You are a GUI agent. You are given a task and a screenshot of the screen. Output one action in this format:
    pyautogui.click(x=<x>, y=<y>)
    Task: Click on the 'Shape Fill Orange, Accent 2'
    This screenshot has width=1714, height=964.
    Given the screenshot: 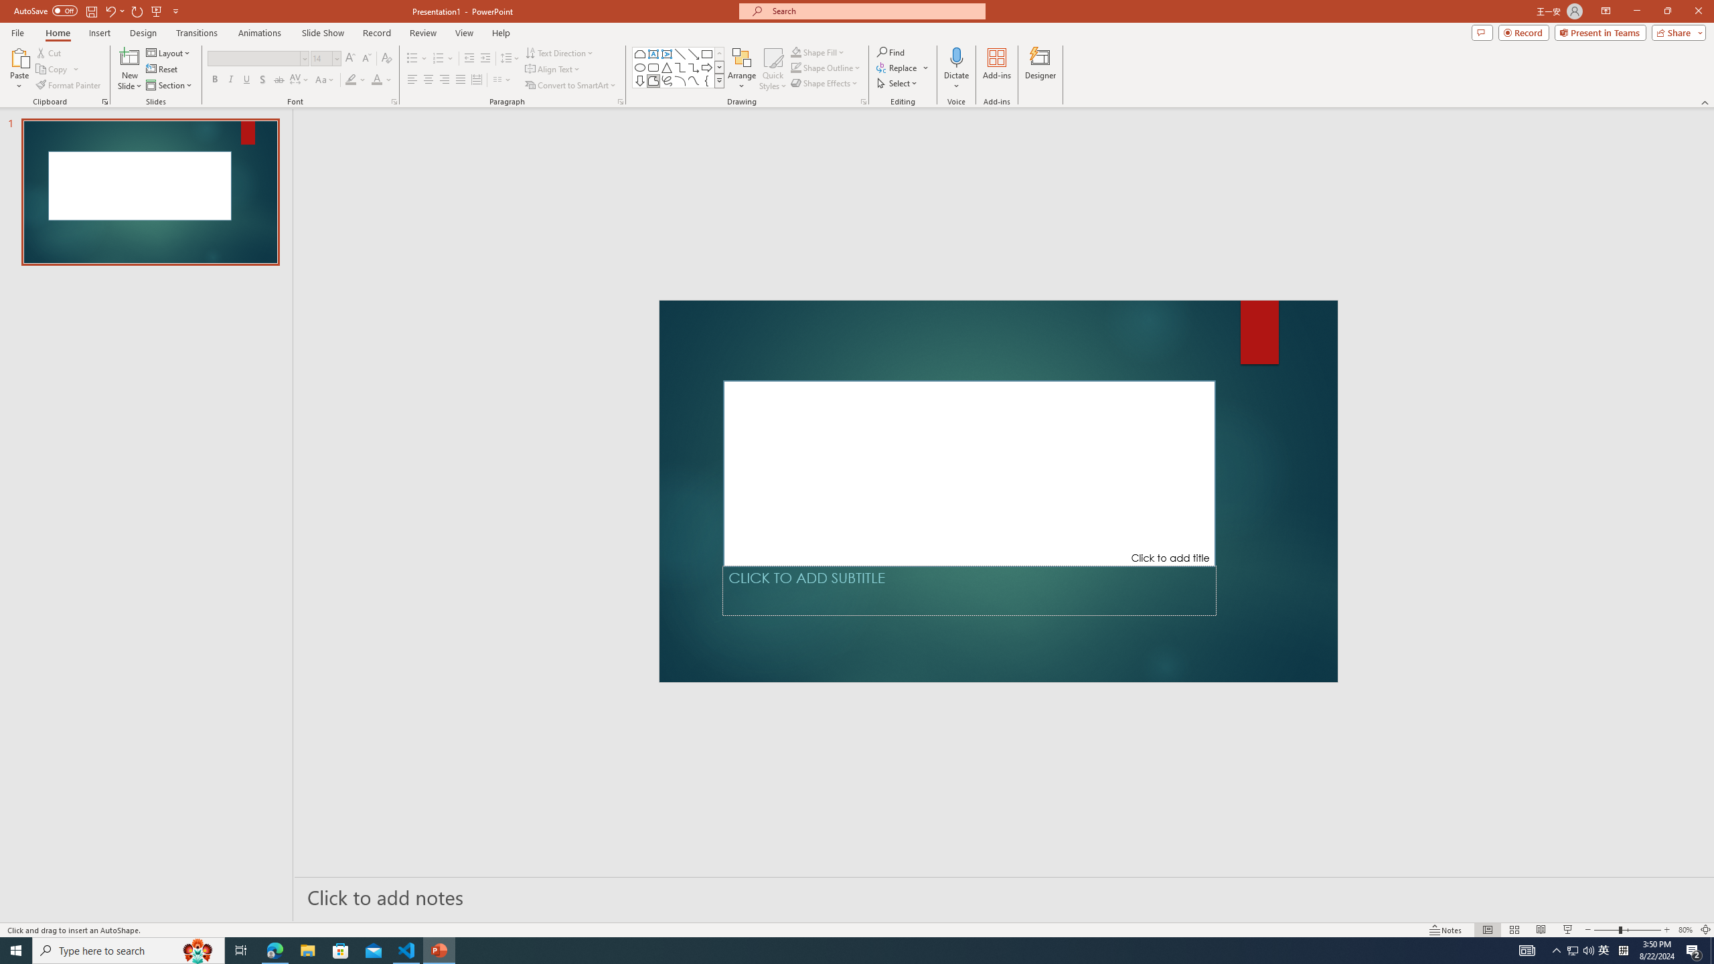 What is the action you would take?
    pyautogui.click(x=796, y=52)
    